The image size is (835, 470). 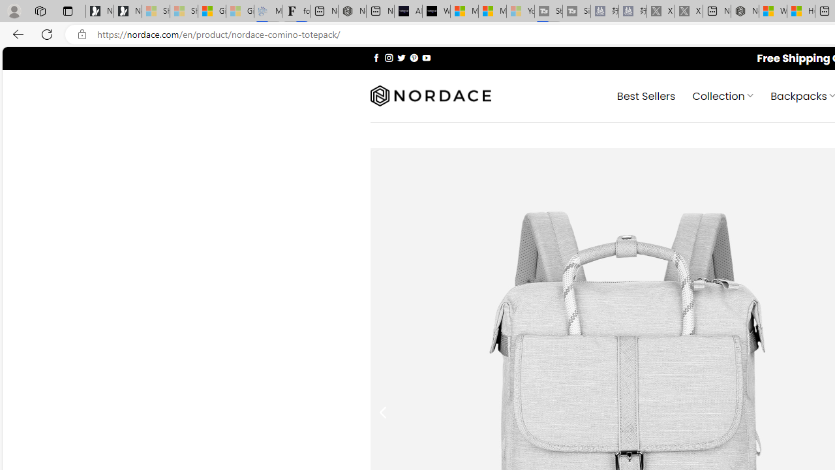 I want to click on 'Streaming Coverage | T3 - Sleeping', so click(x=548, y=11).